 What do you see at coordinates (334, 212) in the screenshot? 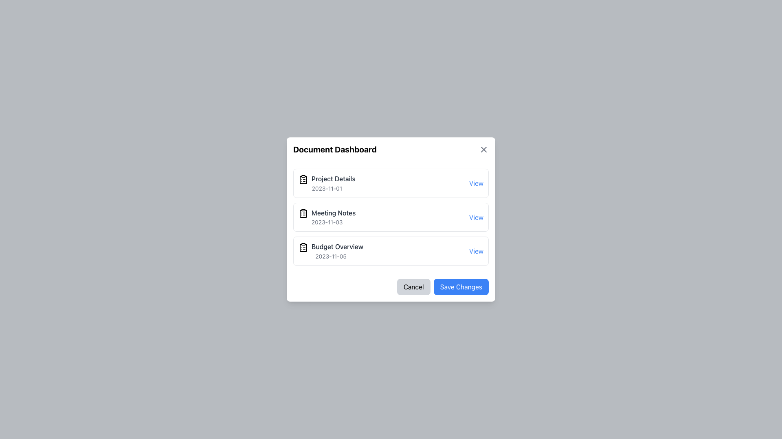
I see `label that describes a list item related to meeting notes, located as the second item in the Document Dashboard pop-up, below the Project Details text` at bounding box center [334, 212].